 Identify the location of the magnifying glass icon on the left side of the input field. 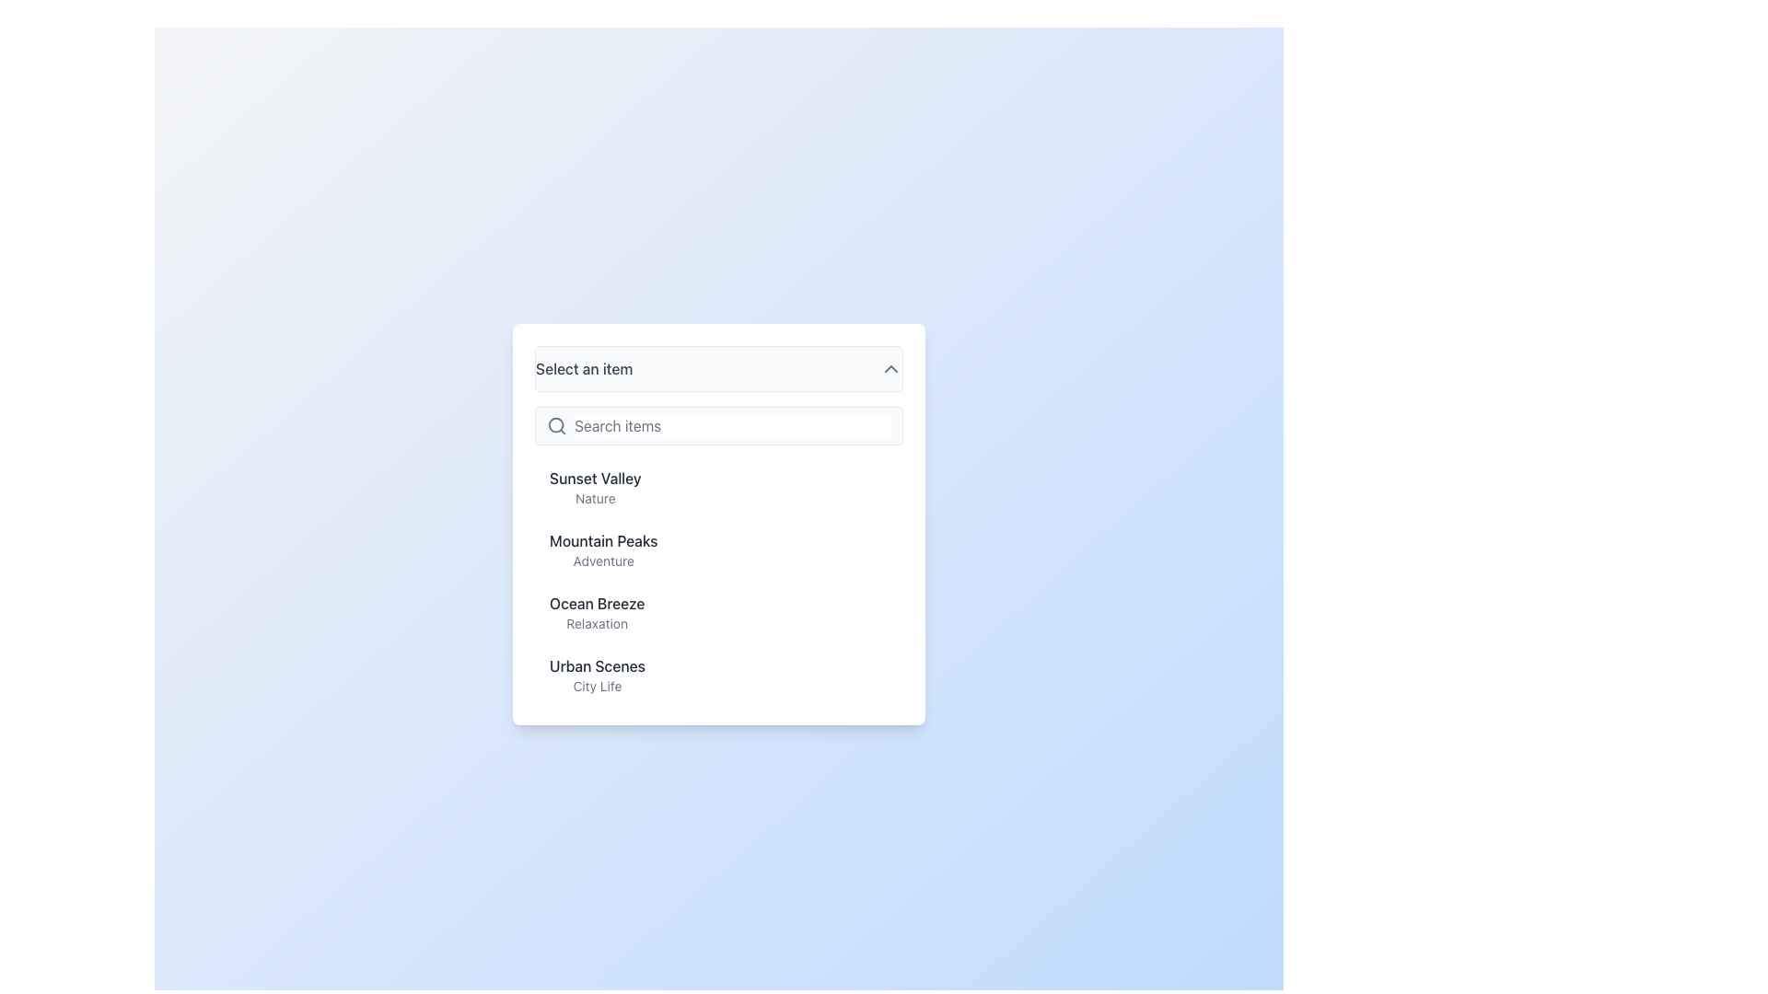
(555, 425).